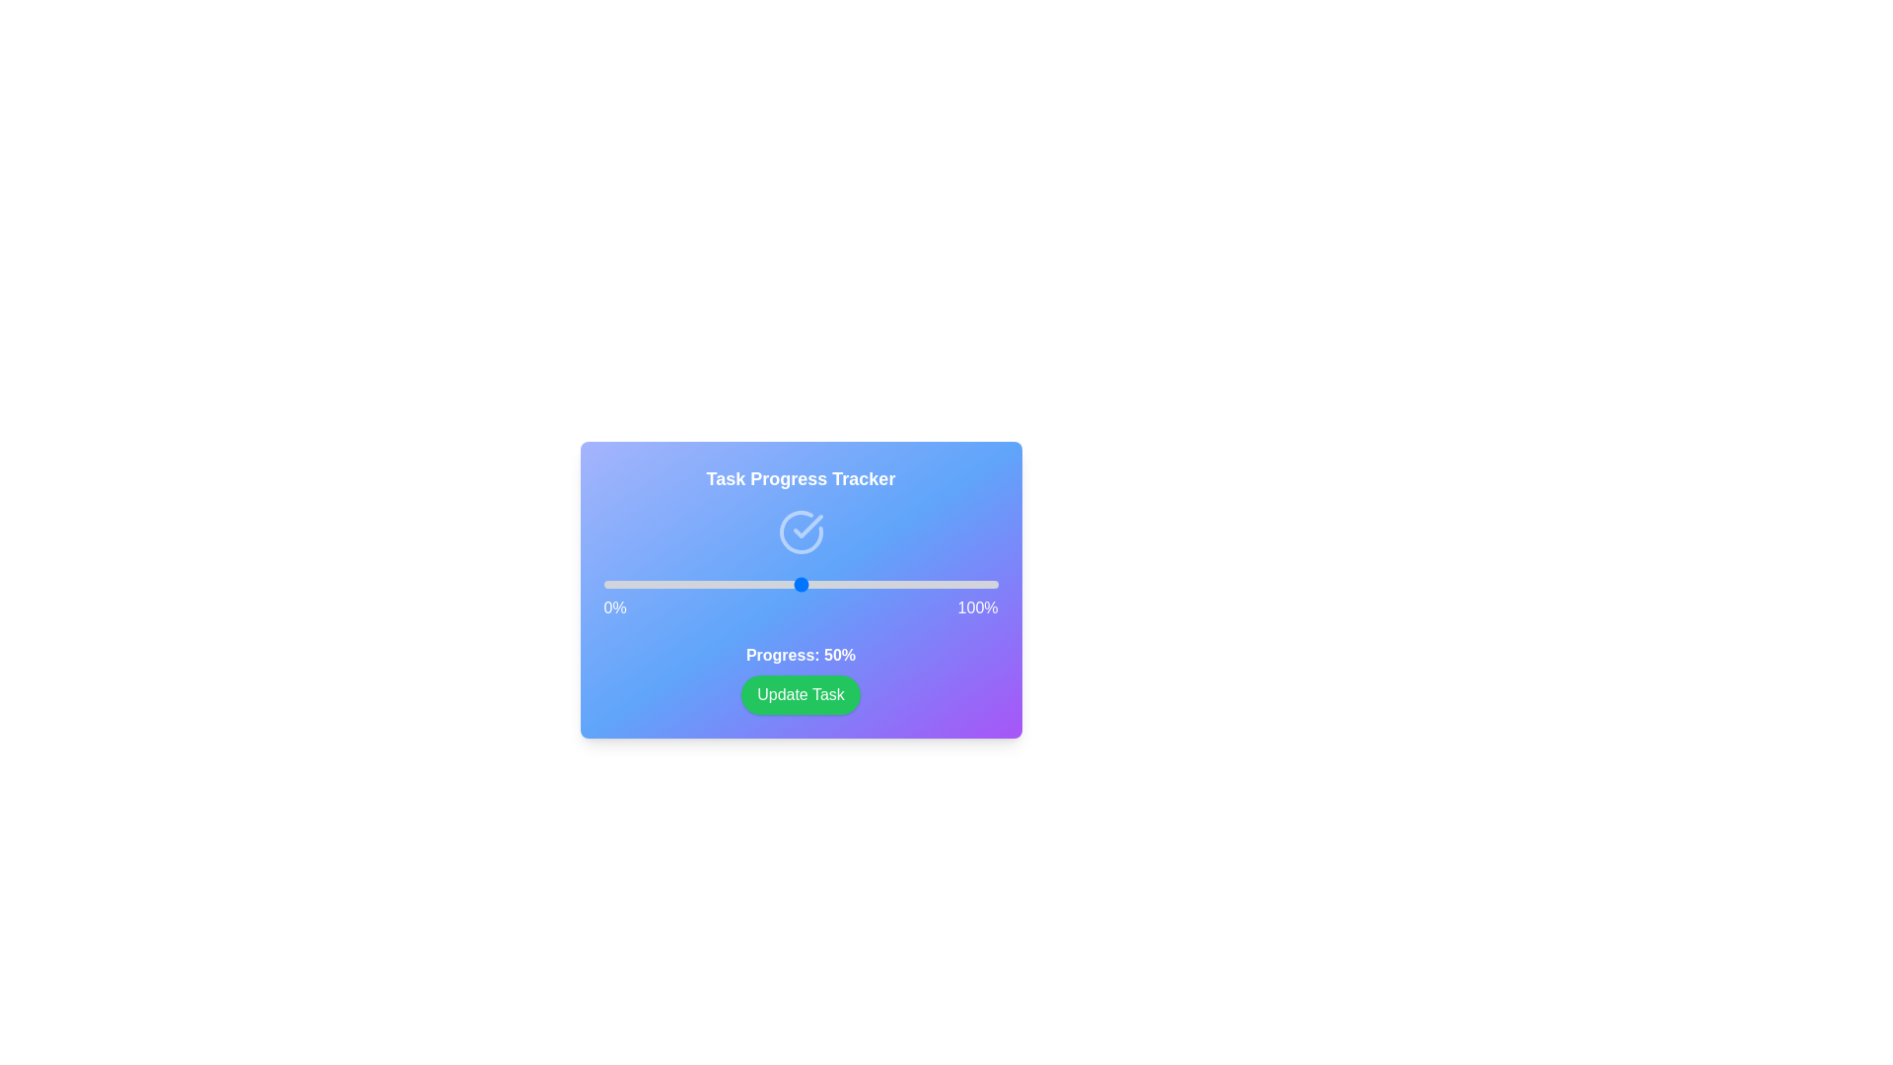 This screenshot has height=1065, width=1893. What do you see at coordinates (938, 584) in the screenshot?
I see `the progress slider to 85%` at bounding box center [938, 584].